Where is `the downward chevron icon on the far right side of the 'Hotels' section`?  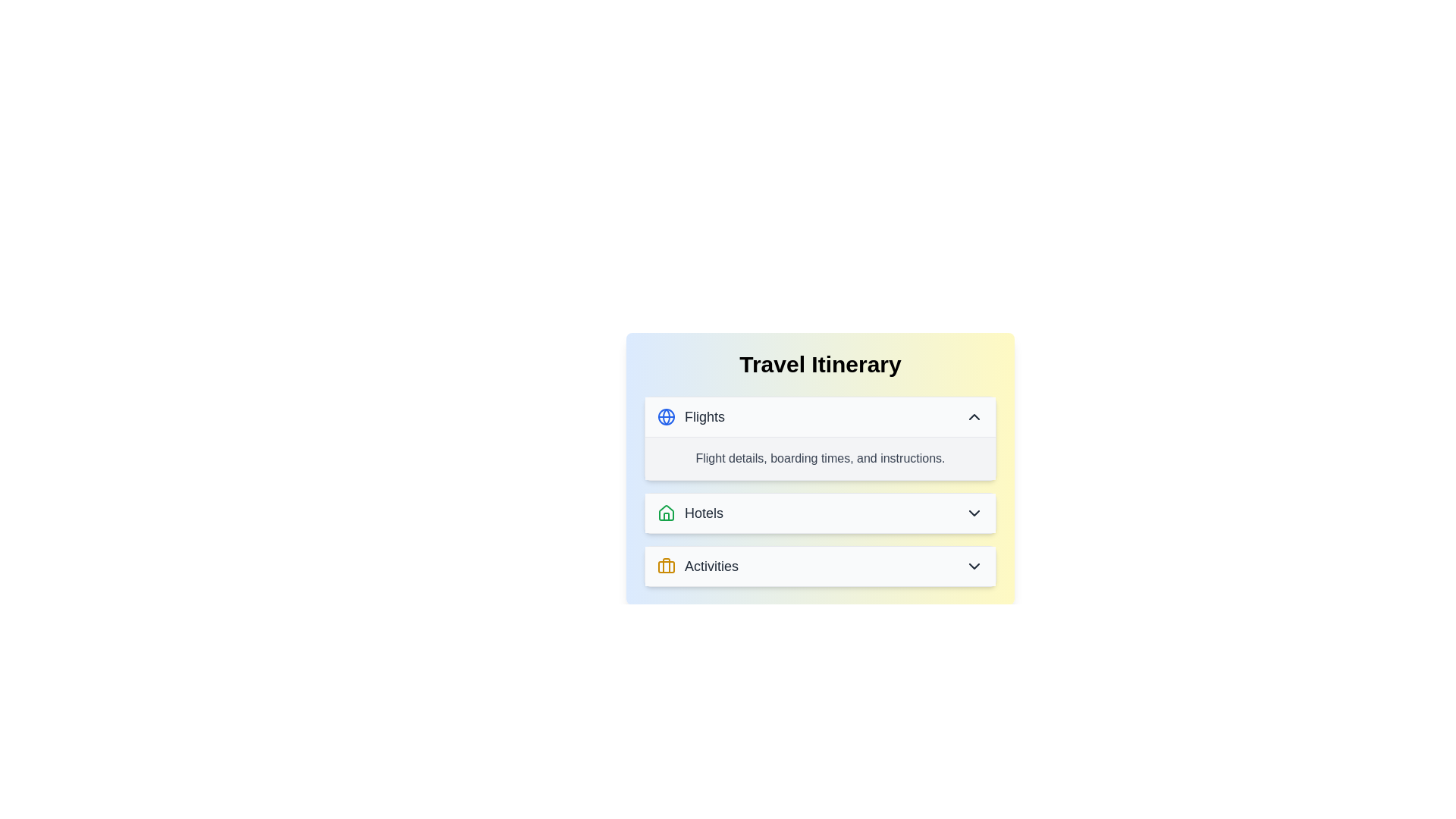 the downward chevron icon on the far right side of the 'Hotels' section is located at coordinates (974, 513).